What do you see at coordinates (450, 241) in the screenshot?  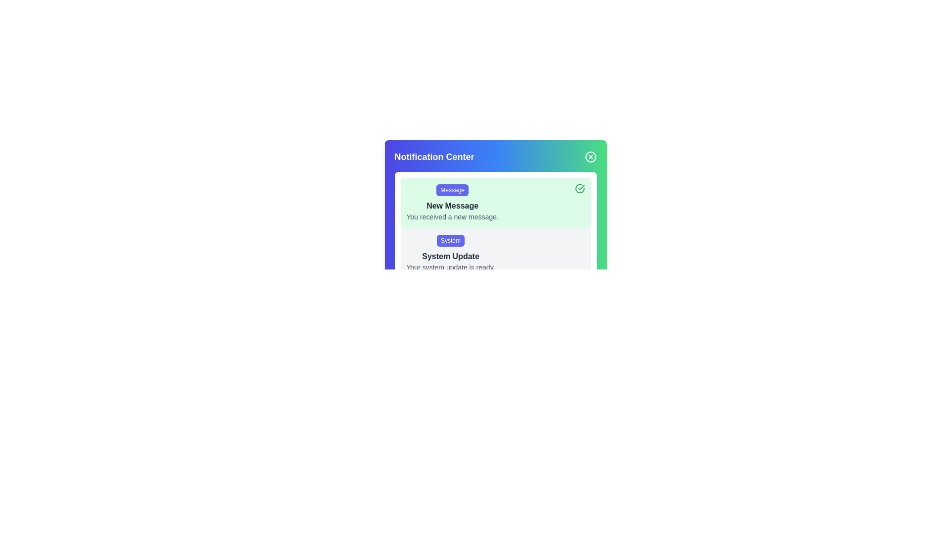 I see `the 'System' button with a dark blue background and white text in the 'Notification Center' UI, which is part of the 'System Update' notification` at bounding box center [450, 241].